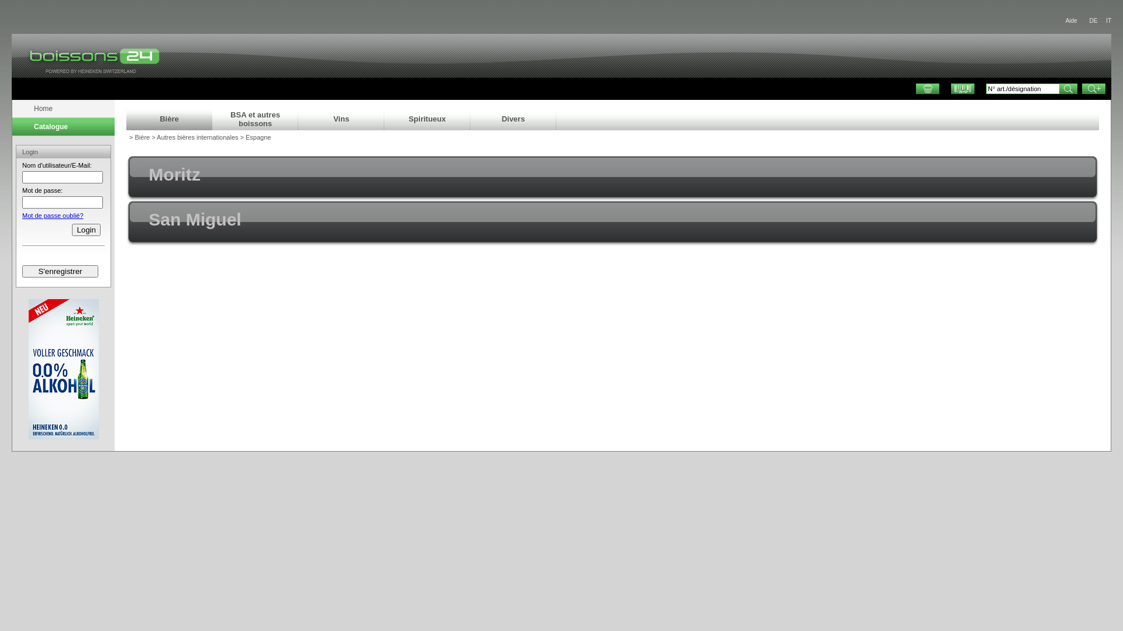 The width and height of the screenshot is (1123, 631). What do you see at coordinates (254, 119) in the screenshot?
I see `'BSA et autres boissons'` at bounding box center [254, 119].